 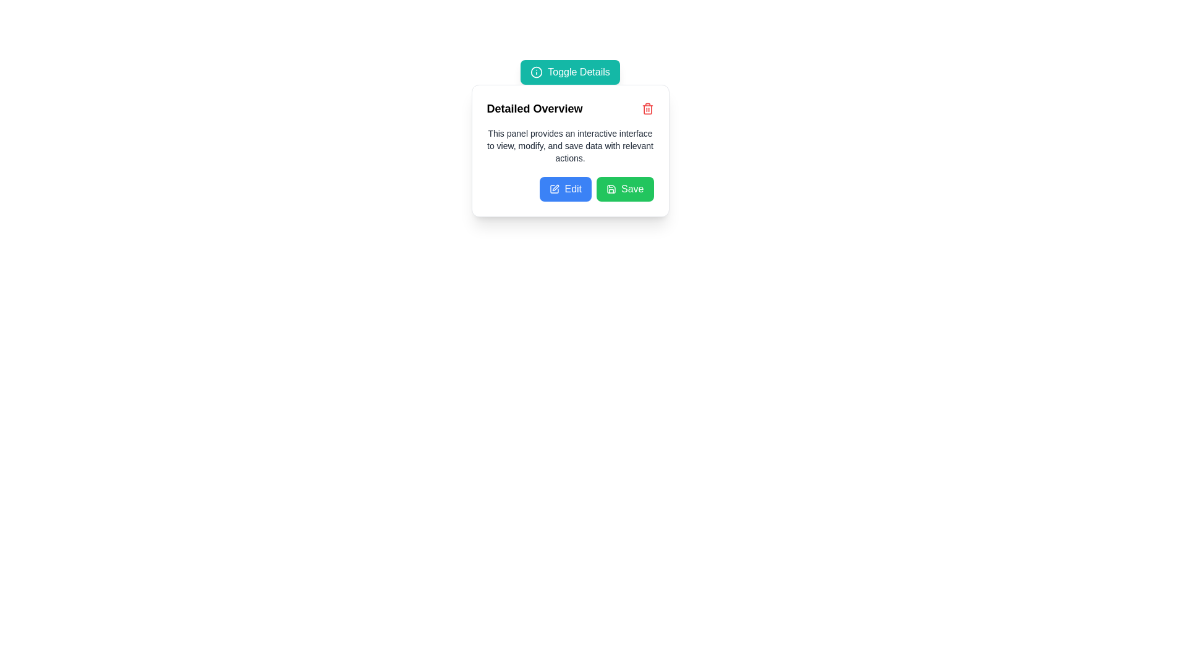 What do you see at coordinates (611, 189) in the screenshot?
I see `the save icon located within the green button labeled 'Save'` at bounding box center [611, 189].